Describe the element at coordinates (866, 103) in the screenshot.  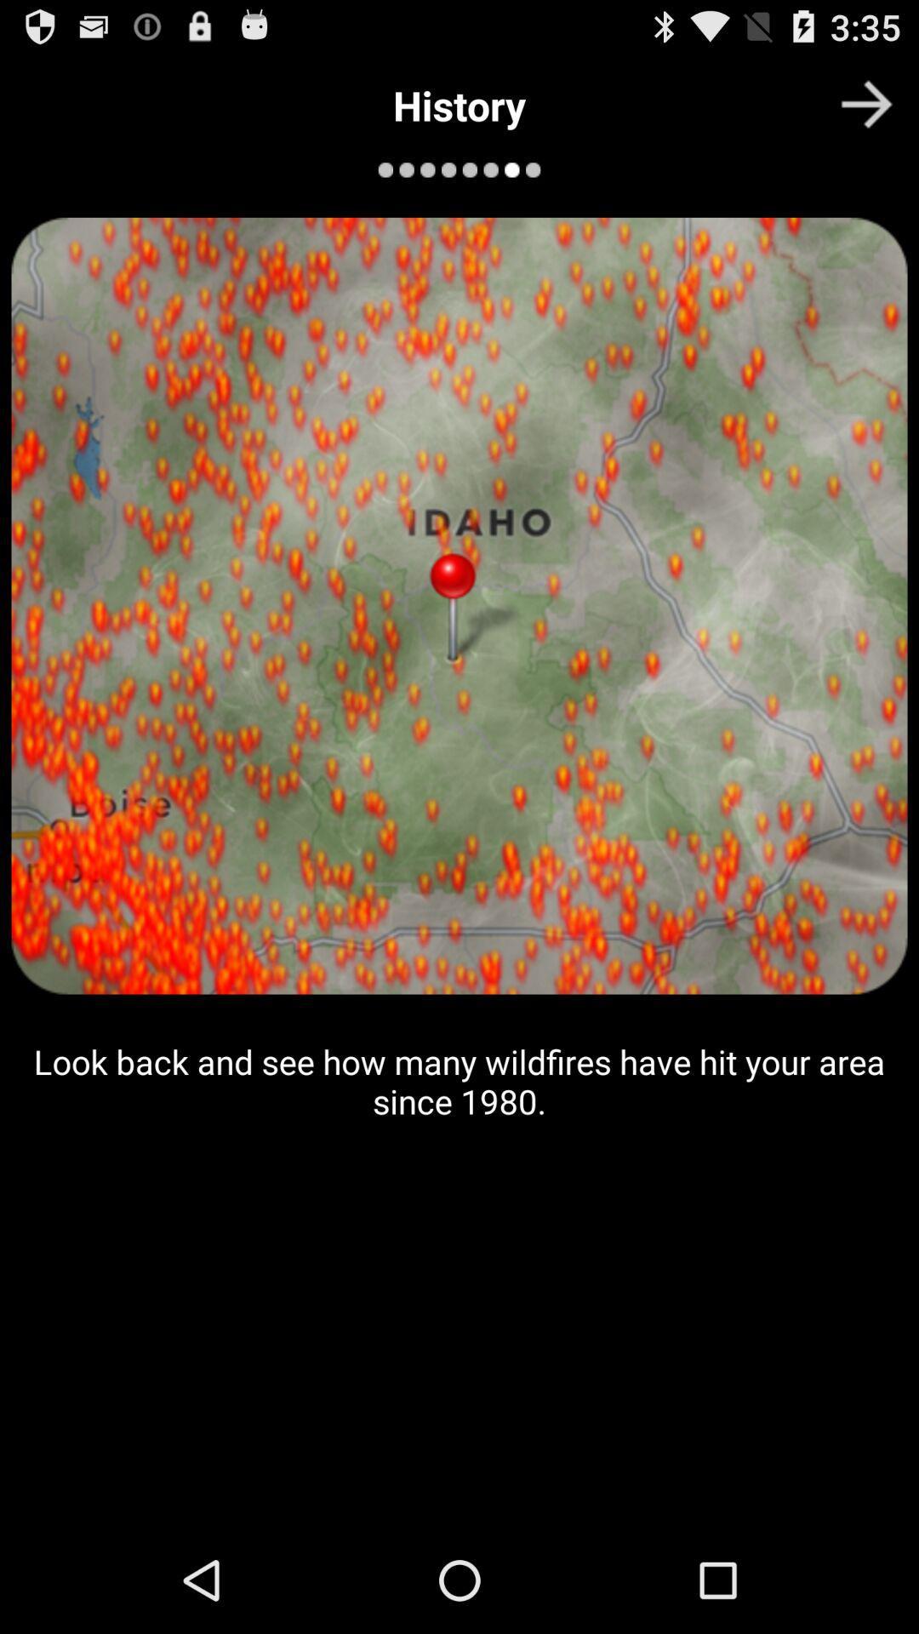
I see `the item at the top right corner` at that location.